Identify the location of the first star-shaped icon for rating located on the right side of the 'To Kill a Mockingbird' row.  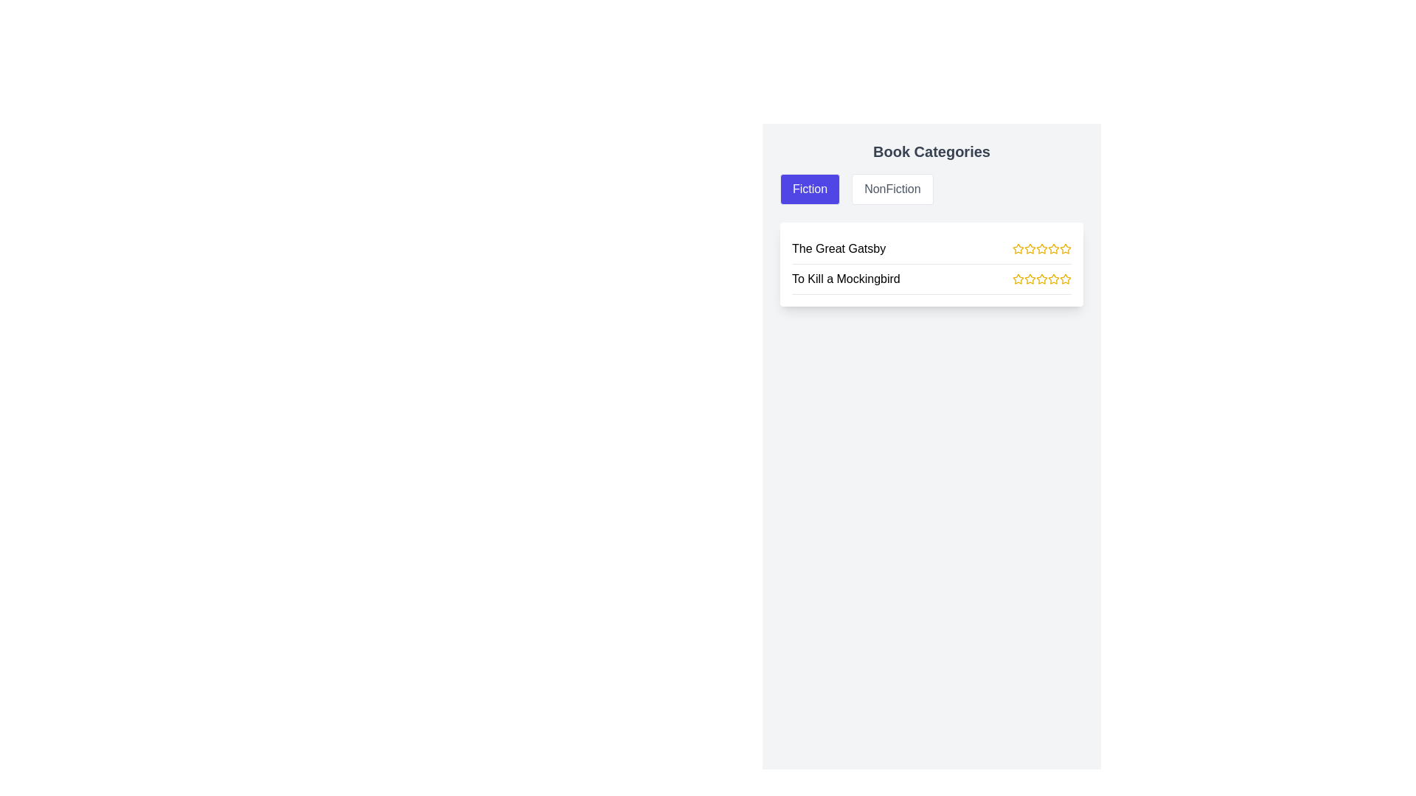
(1018, 279).